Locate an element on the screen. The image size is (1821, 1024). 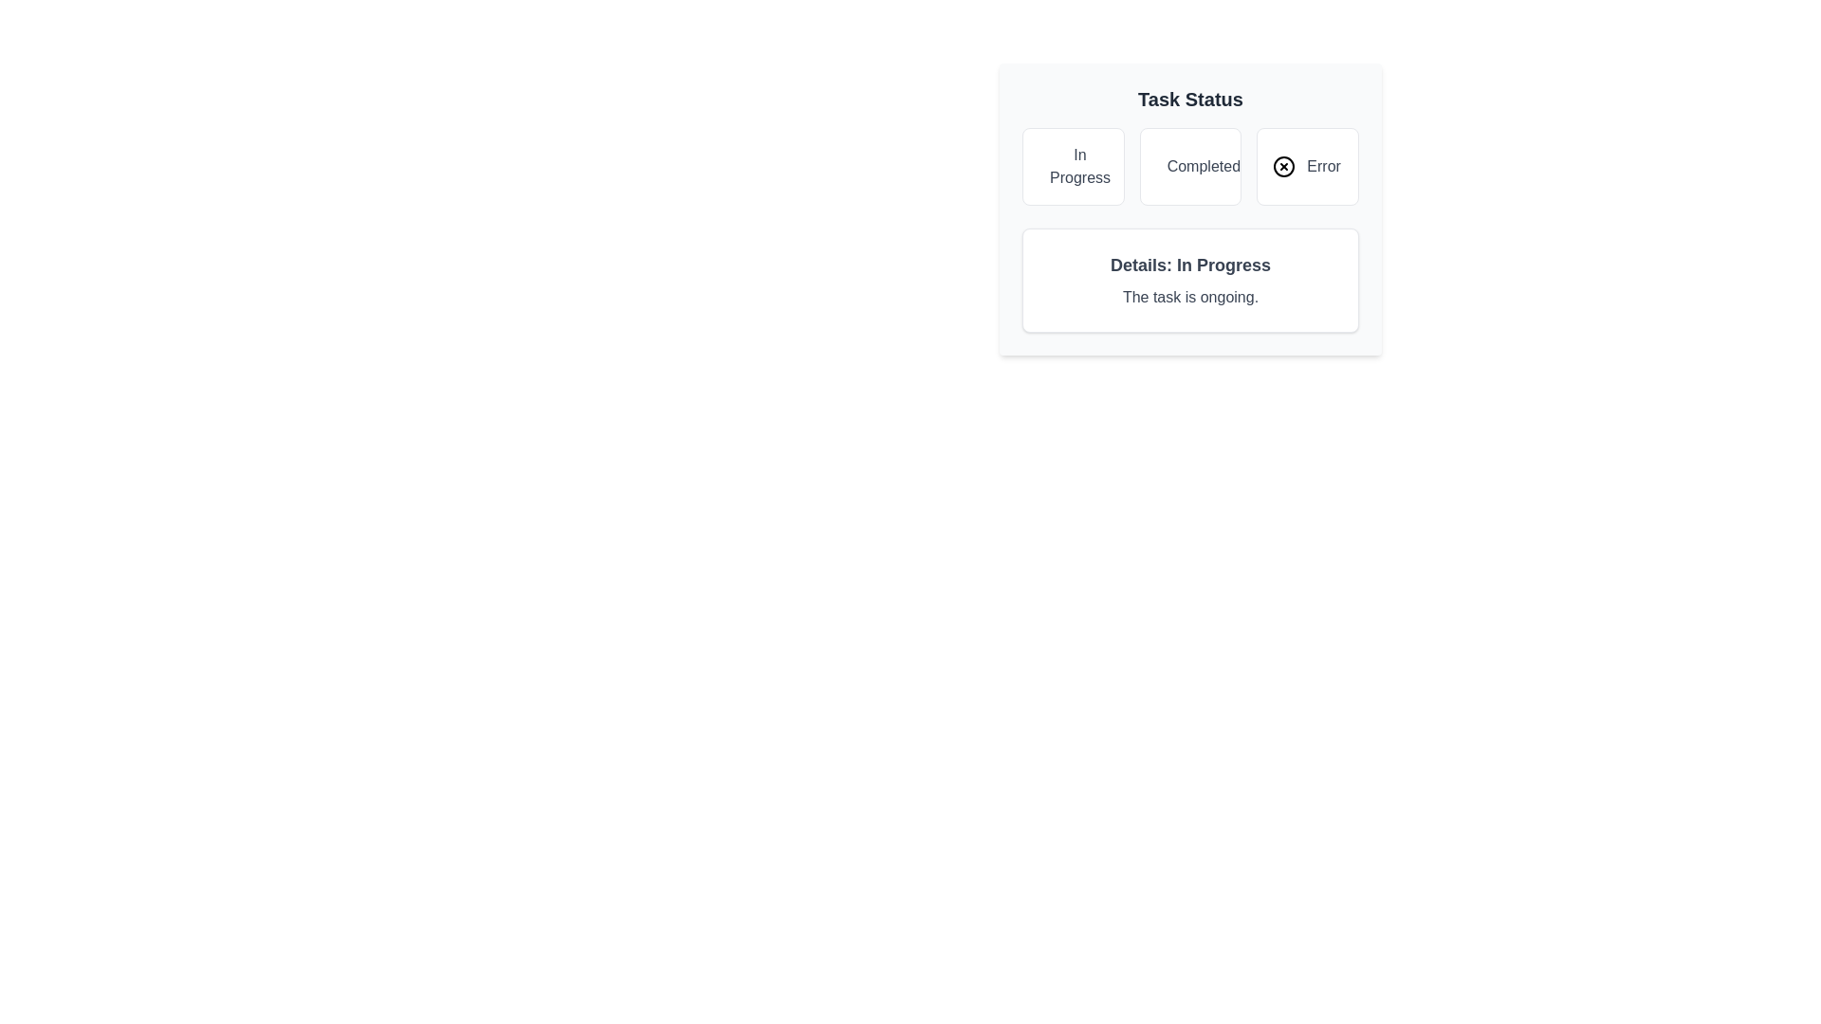
the Text Label that displays the current status of a task as 'In Progress', located above the secondary text line 'The task is ongoing' is located at coordinates (1189, 265).